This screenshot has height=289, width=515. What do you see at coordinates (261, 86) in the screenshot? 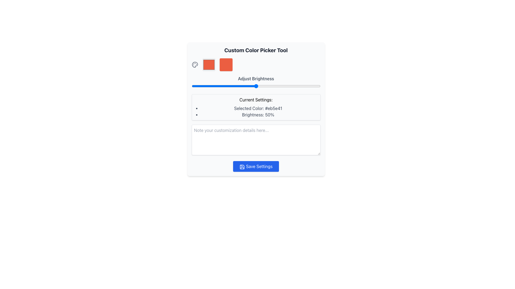
I see `the brightness` at bounding box center [261, 86].